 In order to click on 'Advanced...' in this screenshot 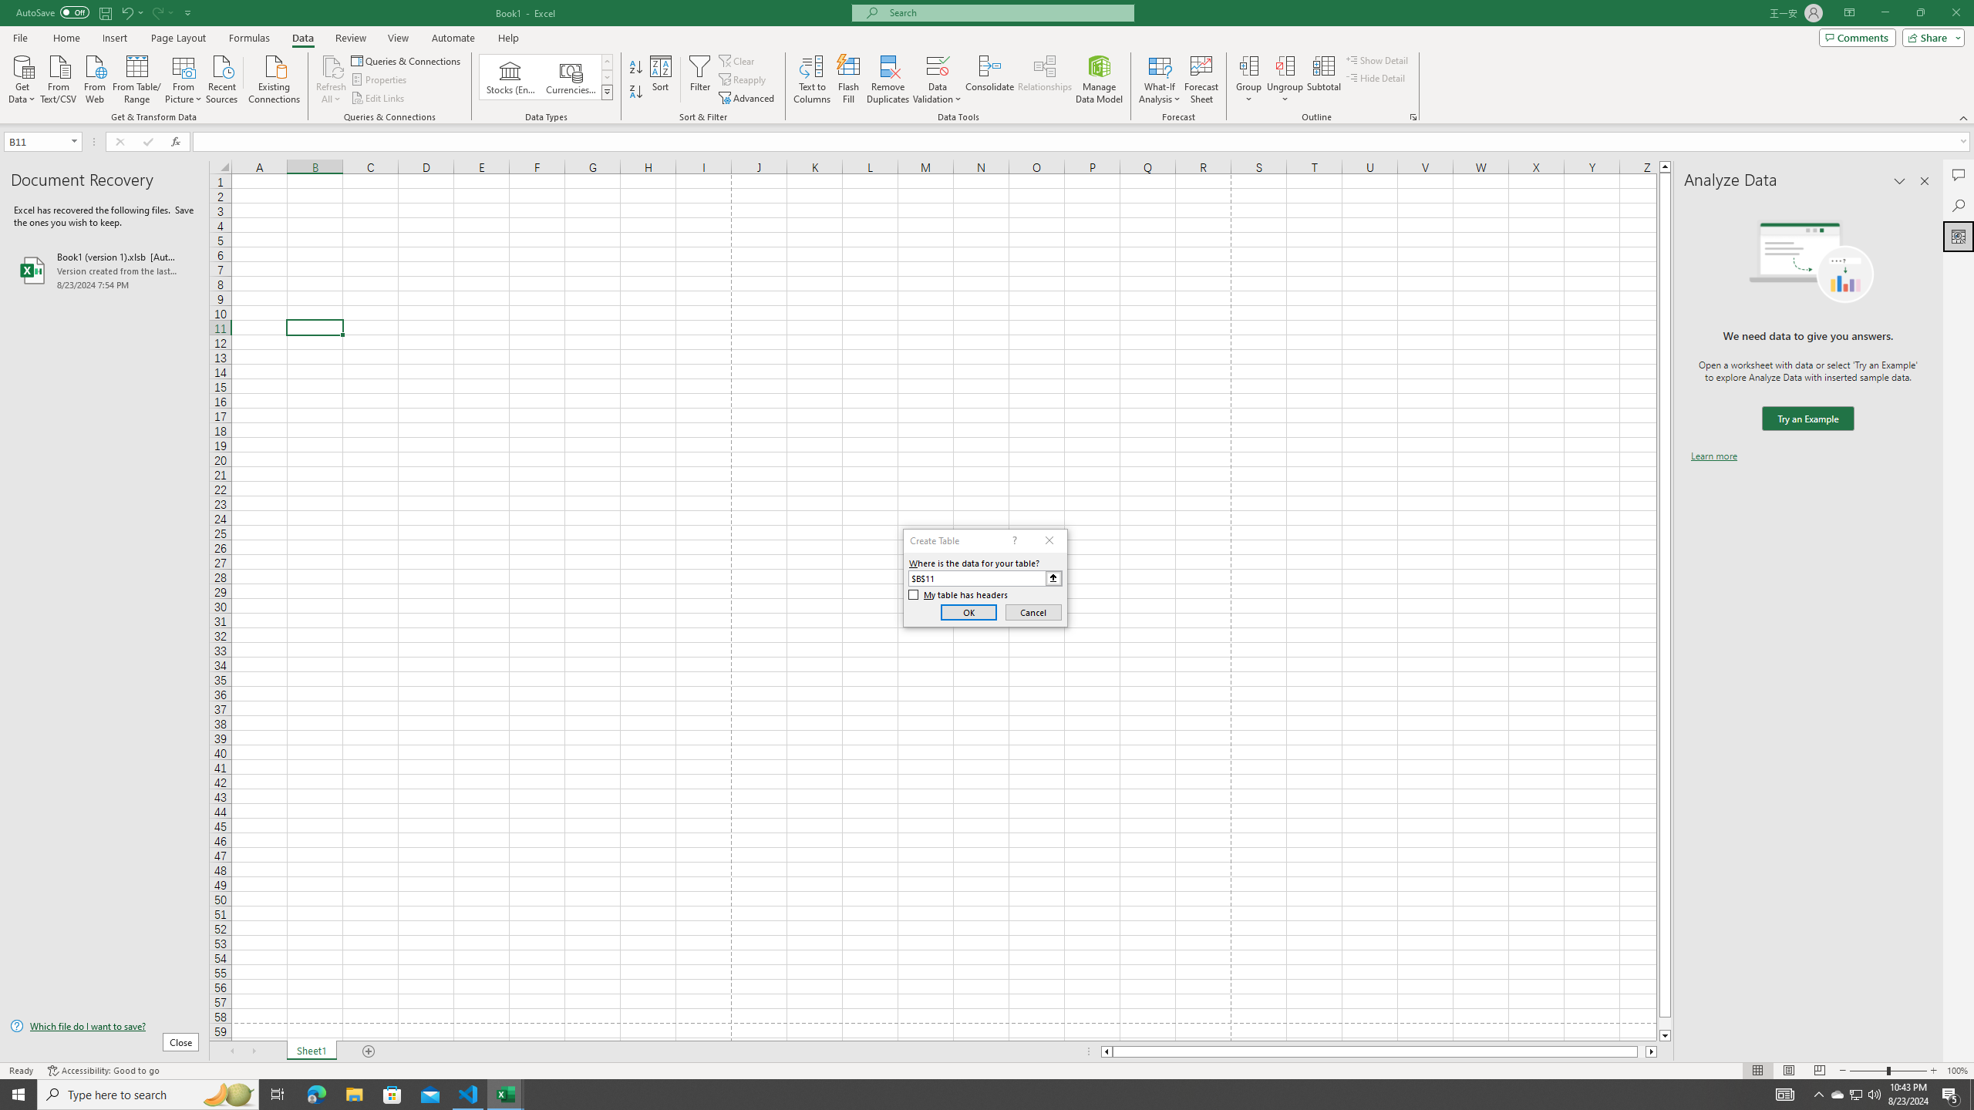, I will do `click(748, 98)`.